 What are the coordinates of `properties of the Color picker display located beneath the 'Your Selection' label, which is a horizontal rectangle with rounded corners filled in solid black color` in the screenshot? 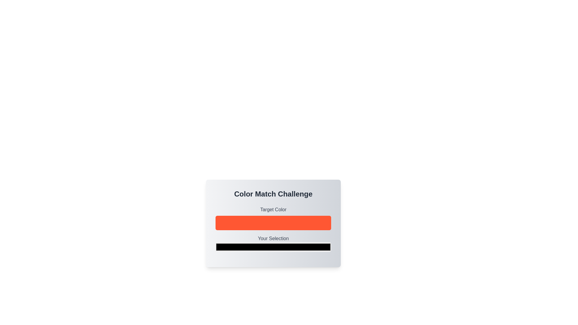 It's located at (273, 247).